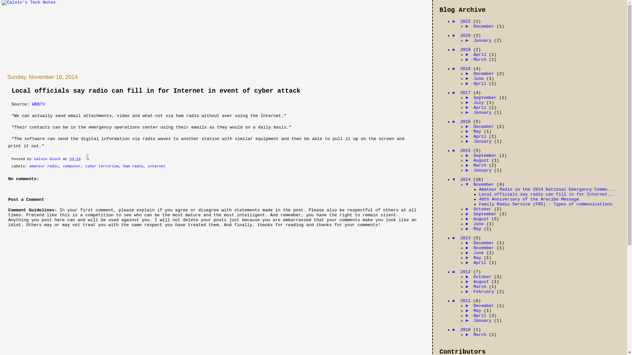 The image size is (632, 355). Describe the element at coordinates (547, 194) in the screenshot. I see `'Local officials say radio can fill in for Internet...'` at that location.